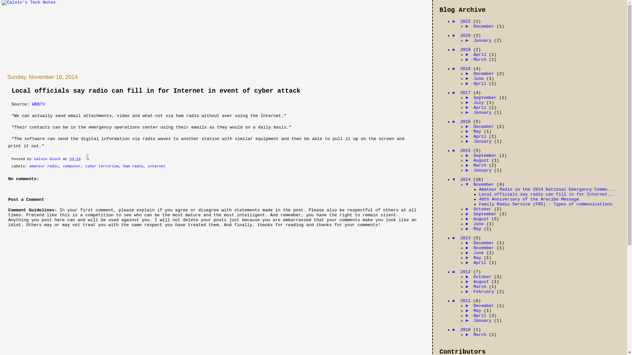 The image size is (632, 355). Describe the element at coordinates (547, 194) in the screenshot. I see `'Local officials say radio can fill in for Internet...'` at that location.